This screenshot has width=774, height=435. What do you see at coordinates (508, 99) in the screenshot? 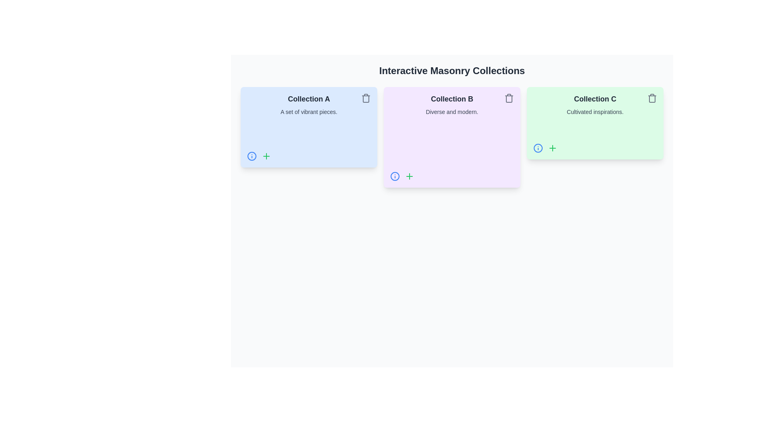
I see `the delete button located in the top-right corner of the card labeled 'Collection B'` at bounding box center [508, 99].